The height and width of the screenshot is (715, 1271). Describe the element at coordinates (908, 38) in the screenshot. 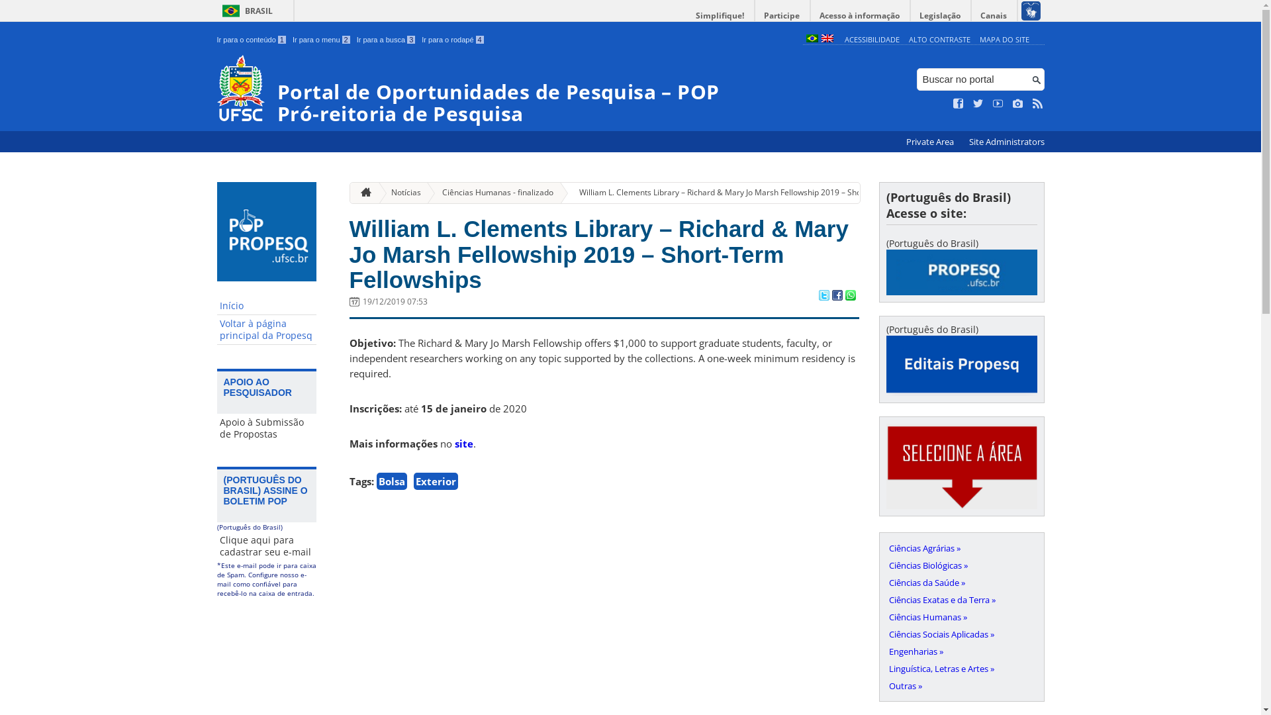

I see `'ALTO CONTRASTE'` at that location.